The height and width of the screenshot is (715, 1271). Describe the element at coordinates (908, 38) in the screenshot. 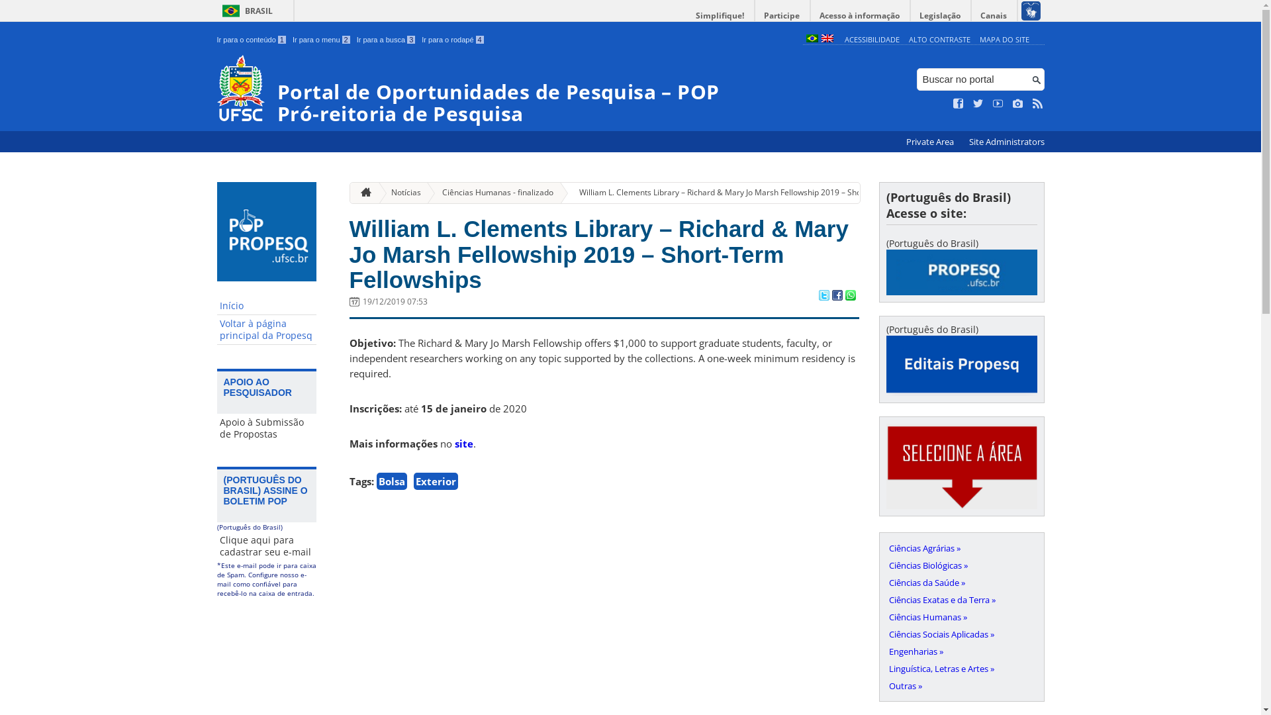

I see `'ALTO CONTRASTE'` at that location.